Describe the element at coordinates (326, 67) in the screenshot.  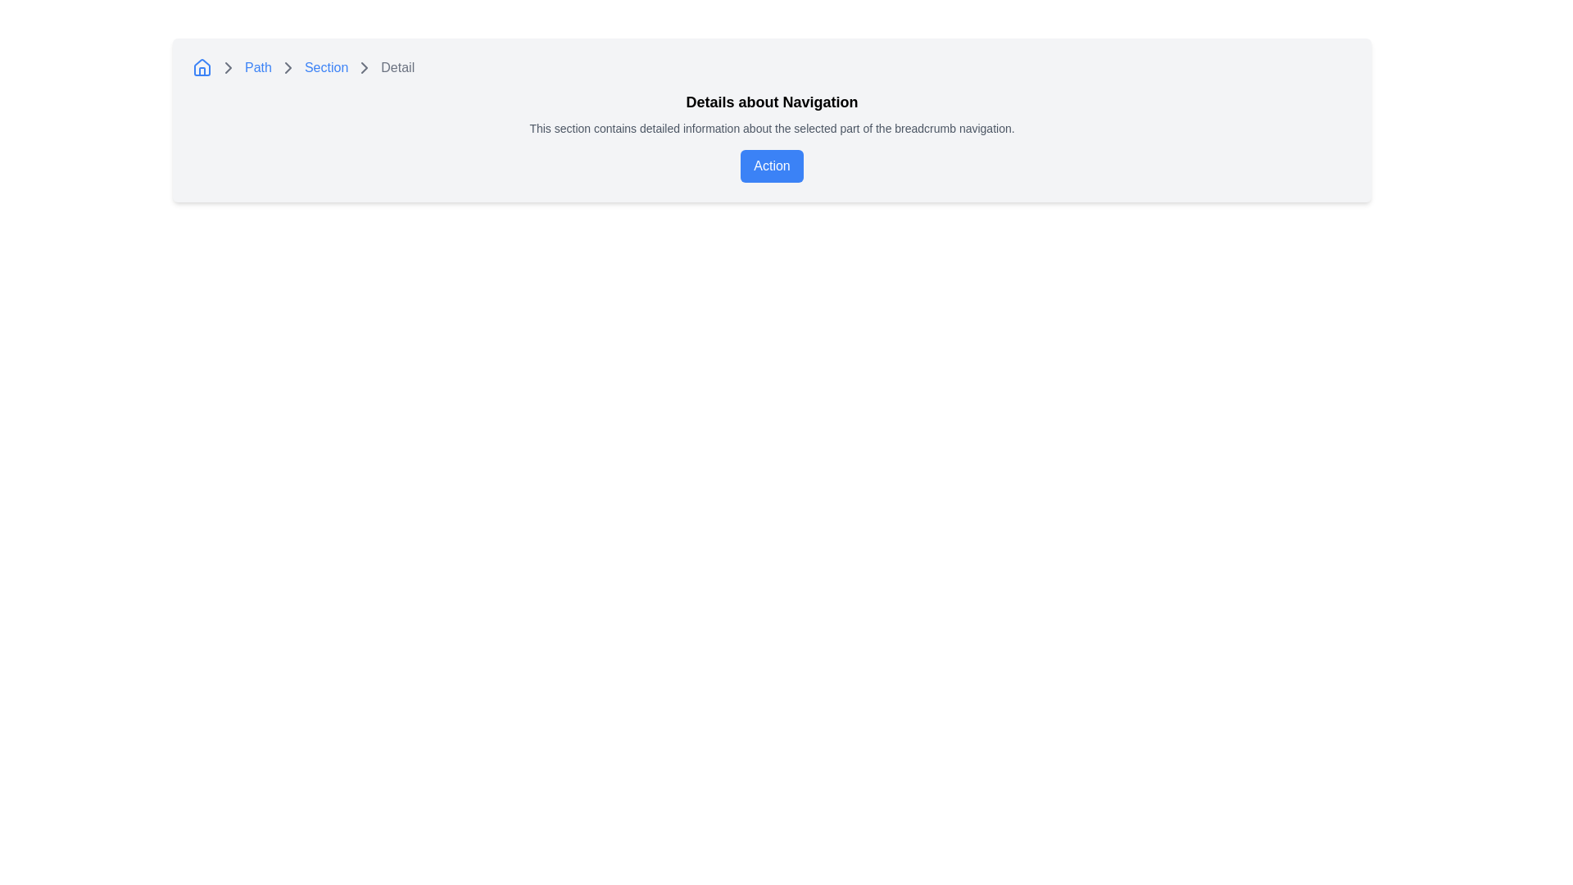
I see `the third hyperlink in the breadcrumb trail, which is labeled 'Section'` at that location.